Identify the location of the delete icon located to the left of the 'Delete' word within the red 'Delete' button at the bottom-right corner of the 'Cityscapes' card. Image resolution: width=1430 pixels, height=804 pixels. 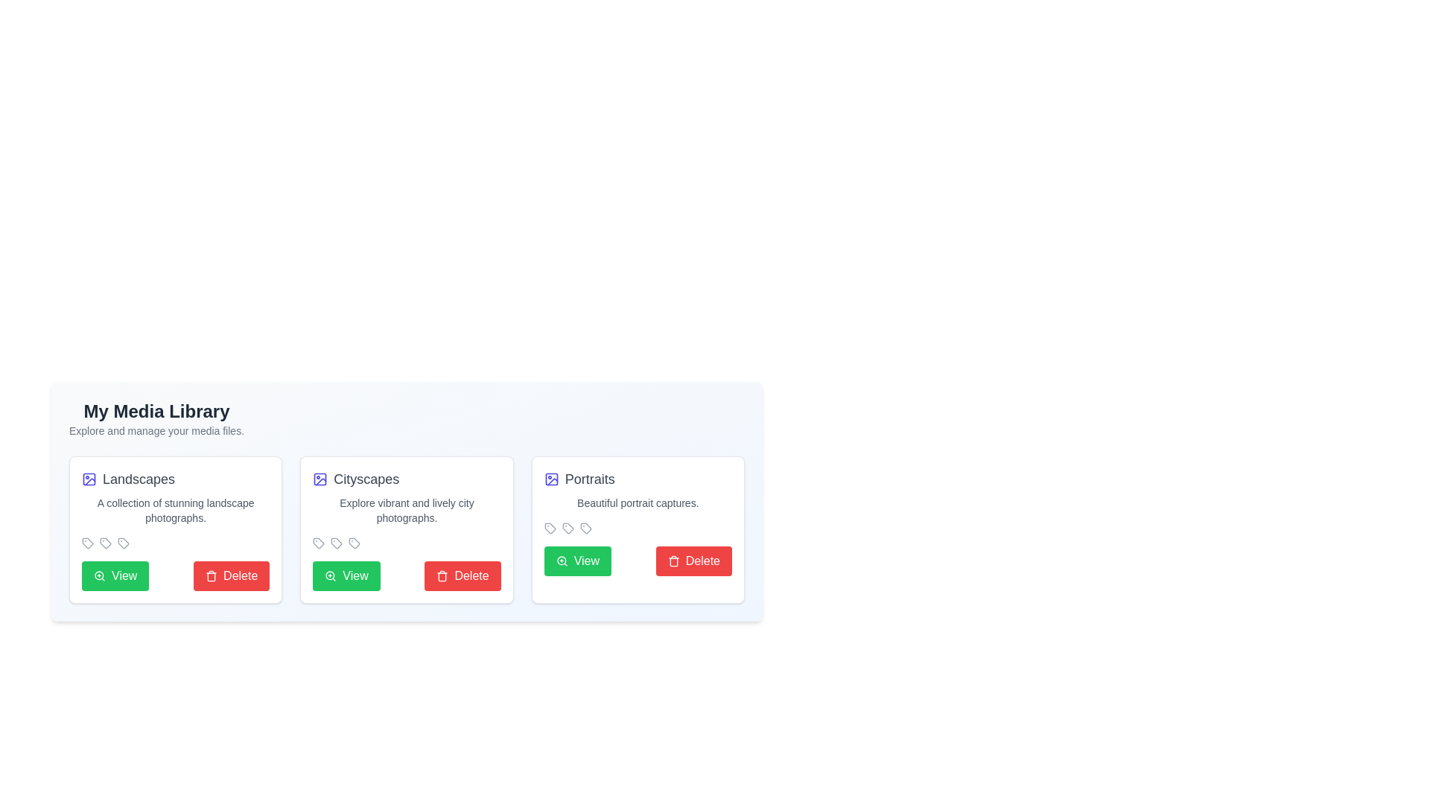
(442, 575).